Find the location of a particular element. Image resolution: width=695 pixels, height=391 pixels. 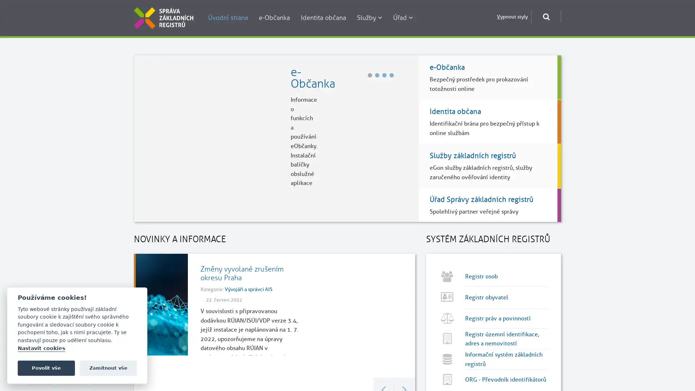

Povolit vse is located at coordinates (46, 367).